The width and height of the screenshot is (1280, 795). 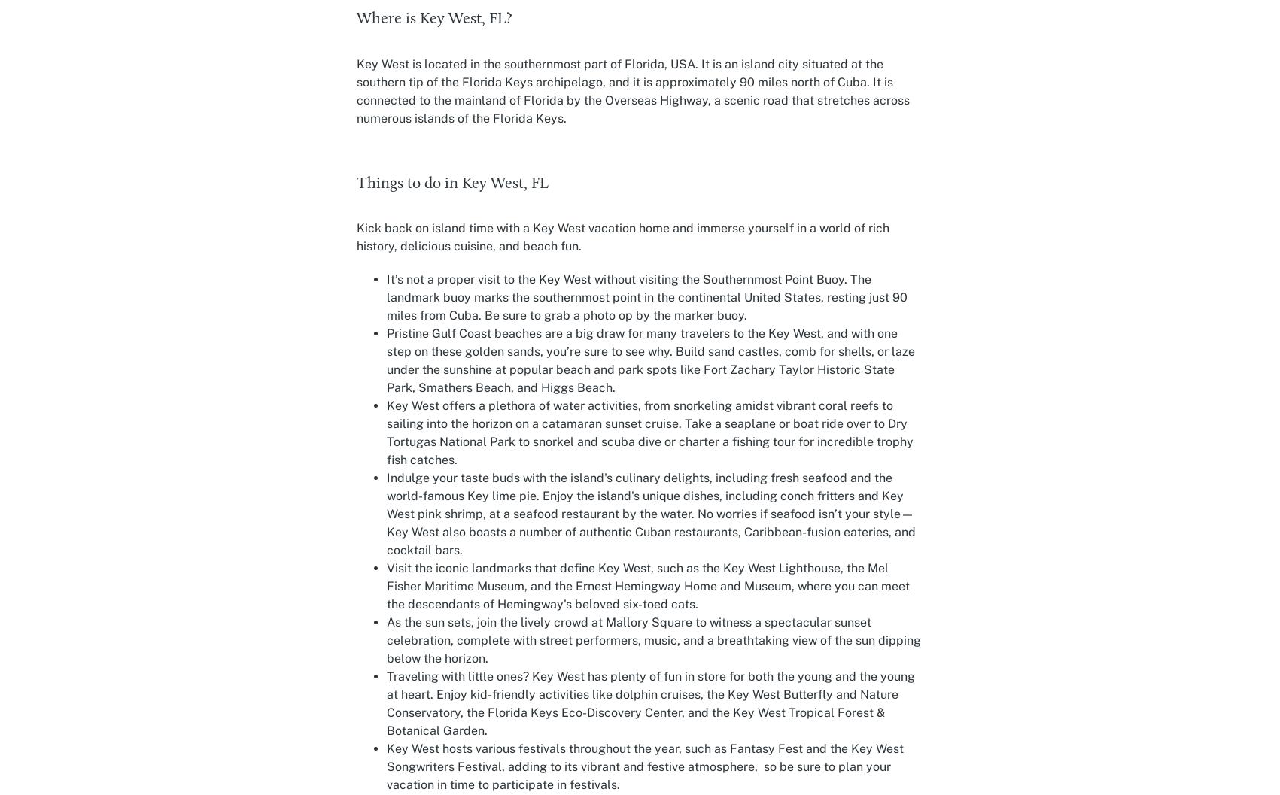 What do you see at coordinates (622, 237) in the screenshot?
I see `'Kick back on island time with a Key West vacation home and immerse yourself in a world of rich history, delicious cuisine, and beach fun.'` at bounding box center [622, 237].